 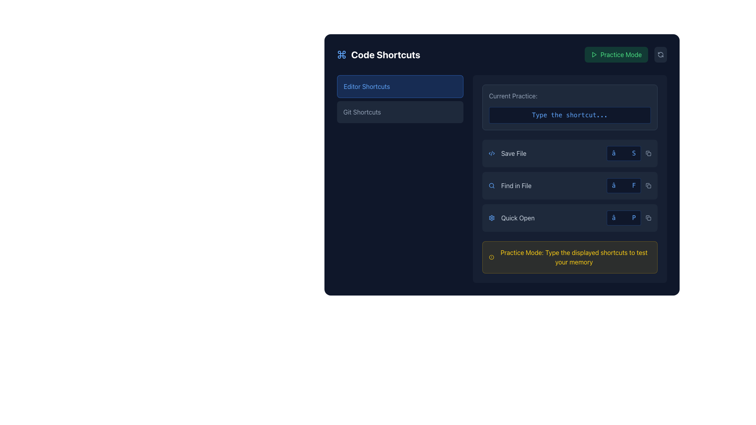 I want to click on the green 'Practice Mode' button, which features a play icon to the left of the text, so click(x=625, y=54).